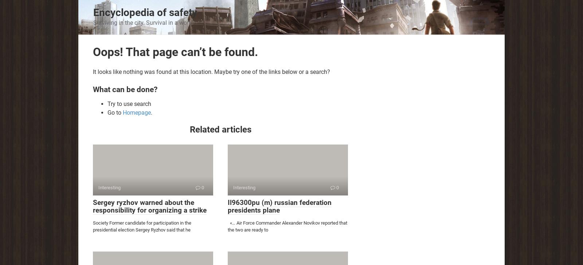 The image size is (583, 265). I want to click on 'Related articles', so click(189, 129).